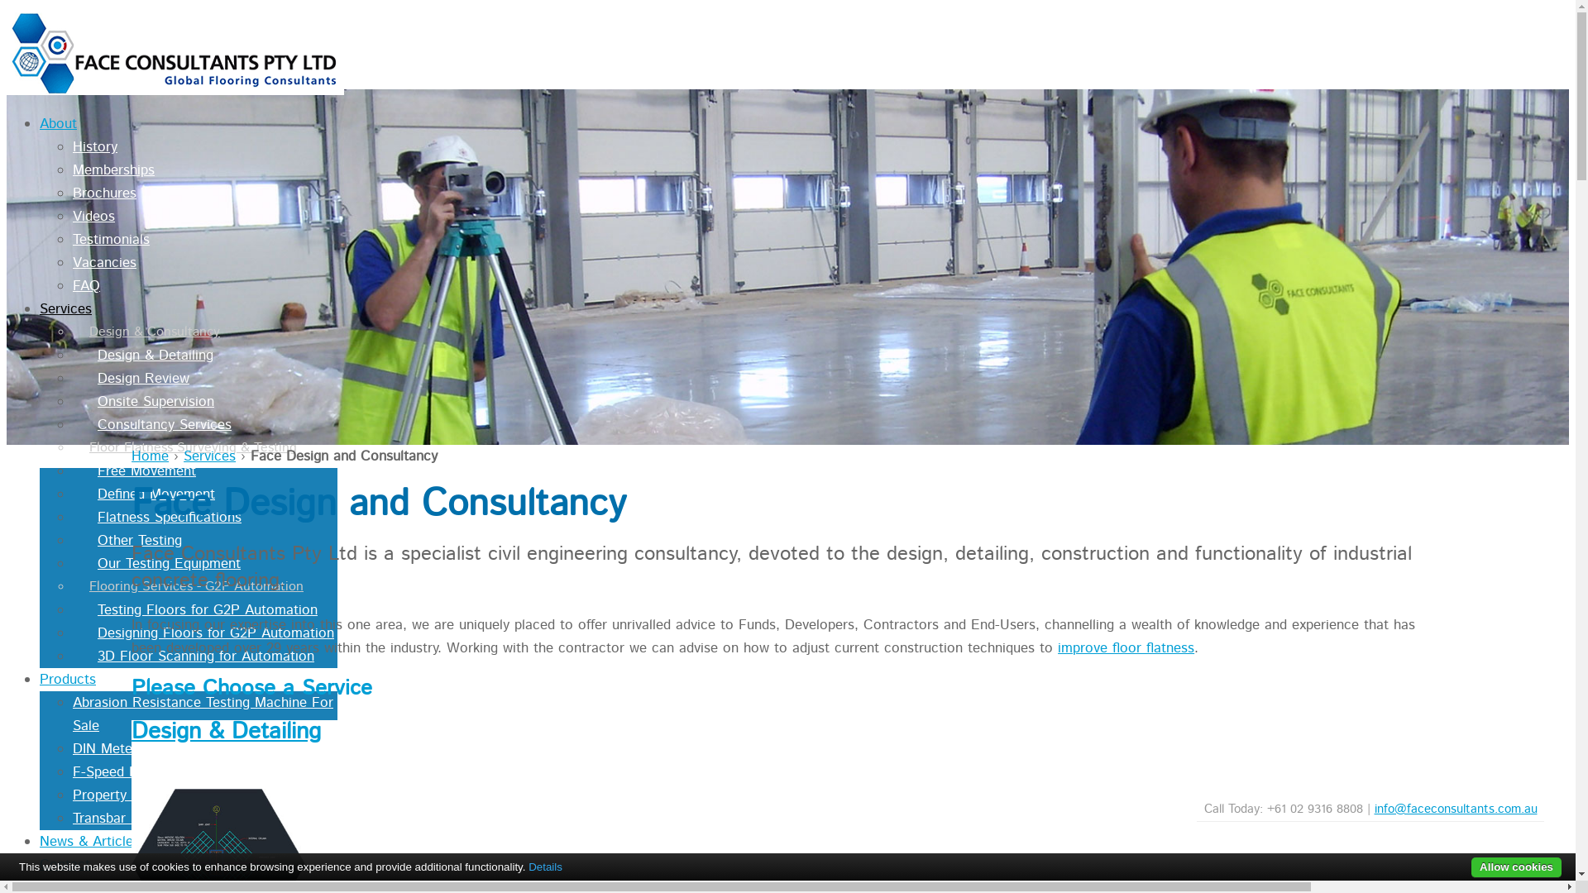 The height and width of the screenshot is (893, 1588). I want to click on 'Design & Consultancy', so click(146, 332).